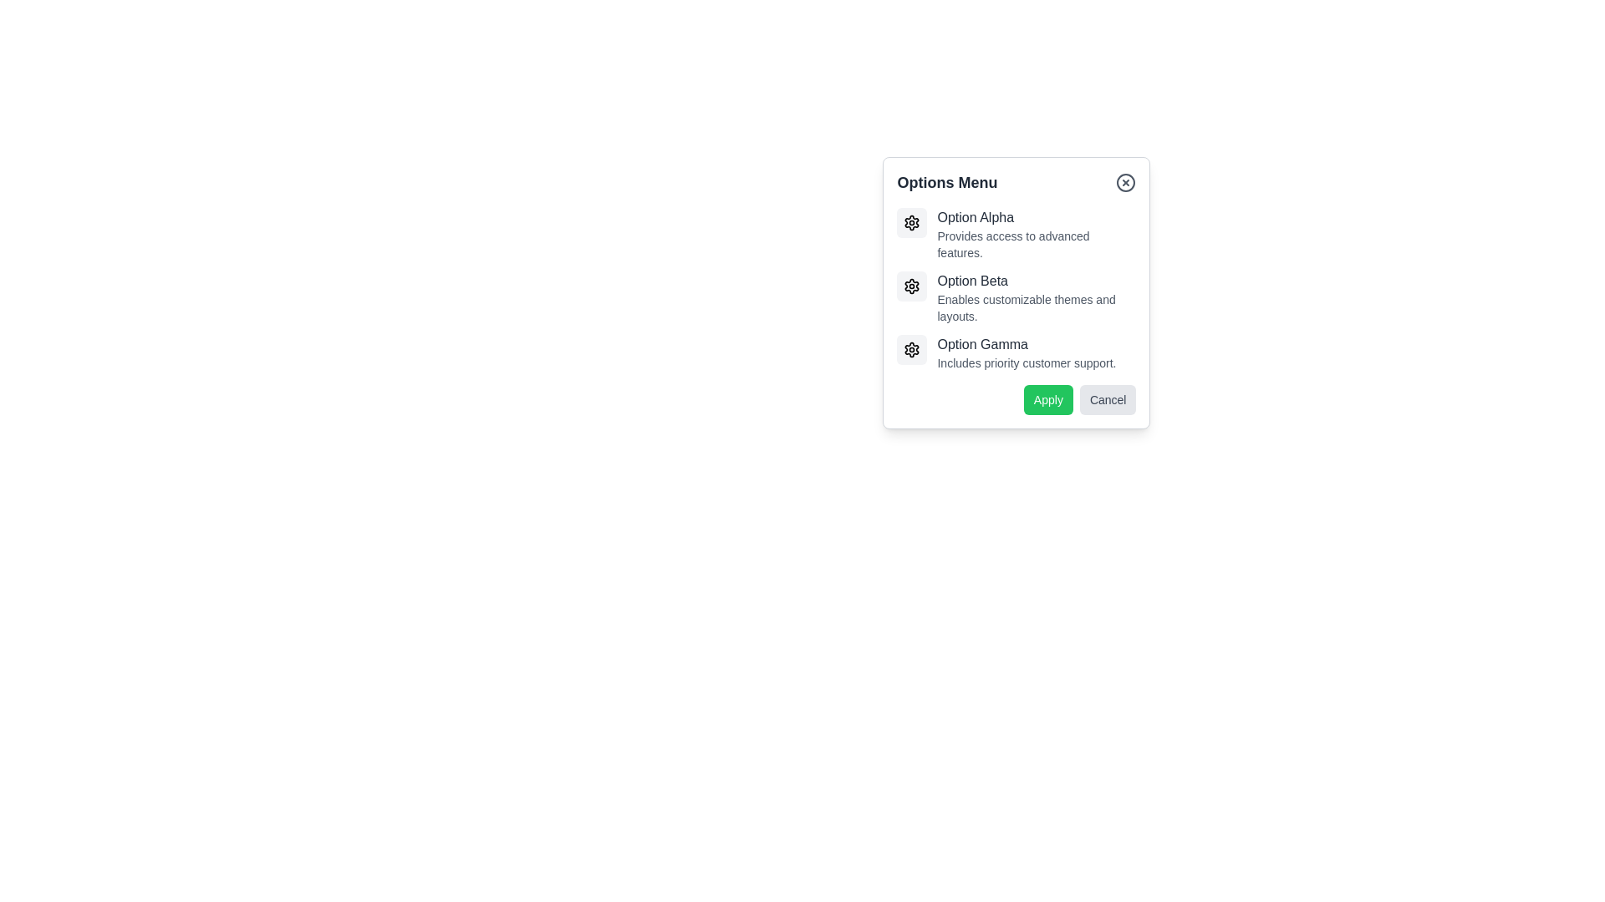  I want to click on the title label located at the top of the dialog box, so click(1016, 183).